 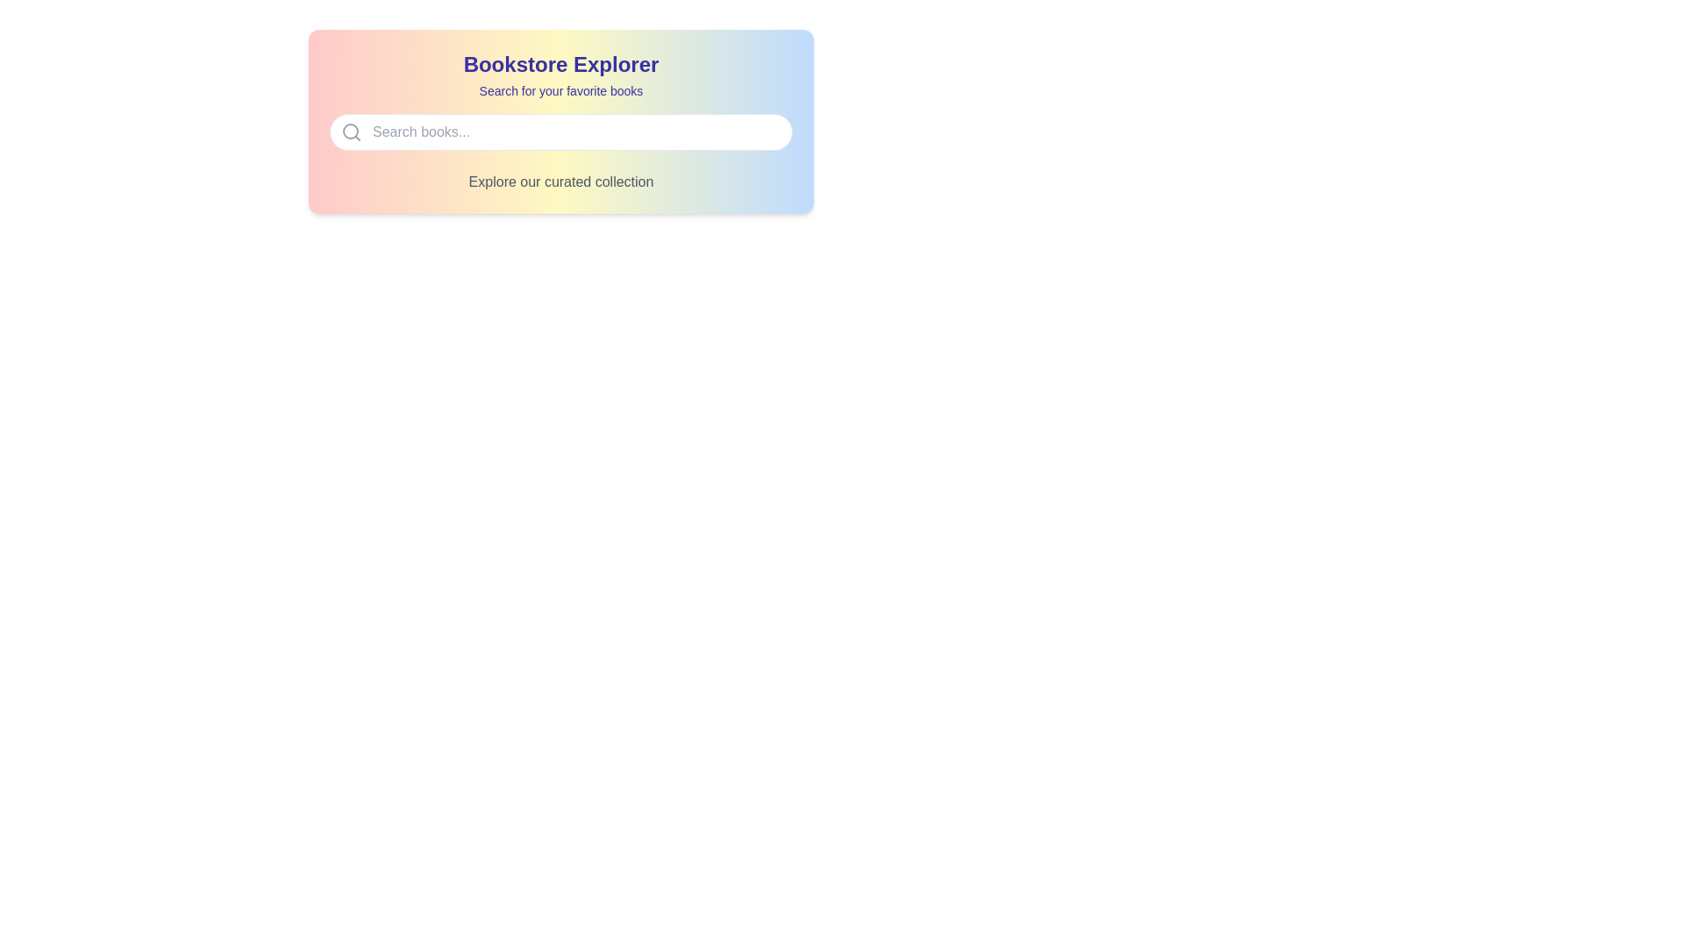 I want to click on the lowermost Text label that conveys information, located below the search bar within a gradient-colored rounded rectangle, so click(x=560, y=182).